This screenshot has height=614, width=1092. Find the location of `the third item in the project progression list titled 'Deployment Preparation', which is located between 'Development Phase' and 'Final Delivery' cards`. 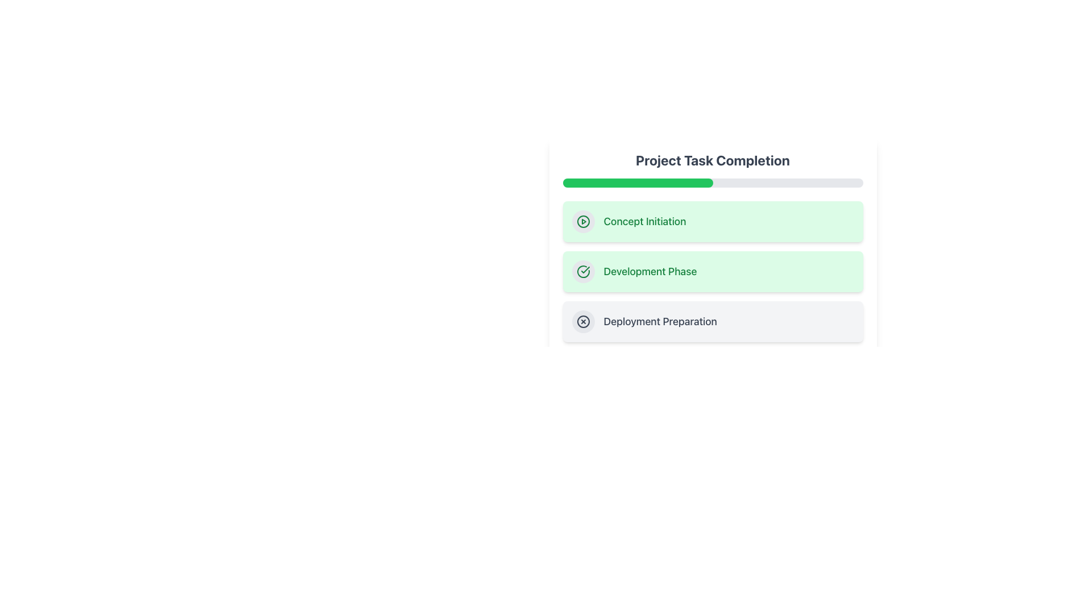

the third item in the project progression list titled 'Deployment Preparation', which is located between 'Development Phase' and 'Final Delivery' cards is located at coordinates (712, 322).